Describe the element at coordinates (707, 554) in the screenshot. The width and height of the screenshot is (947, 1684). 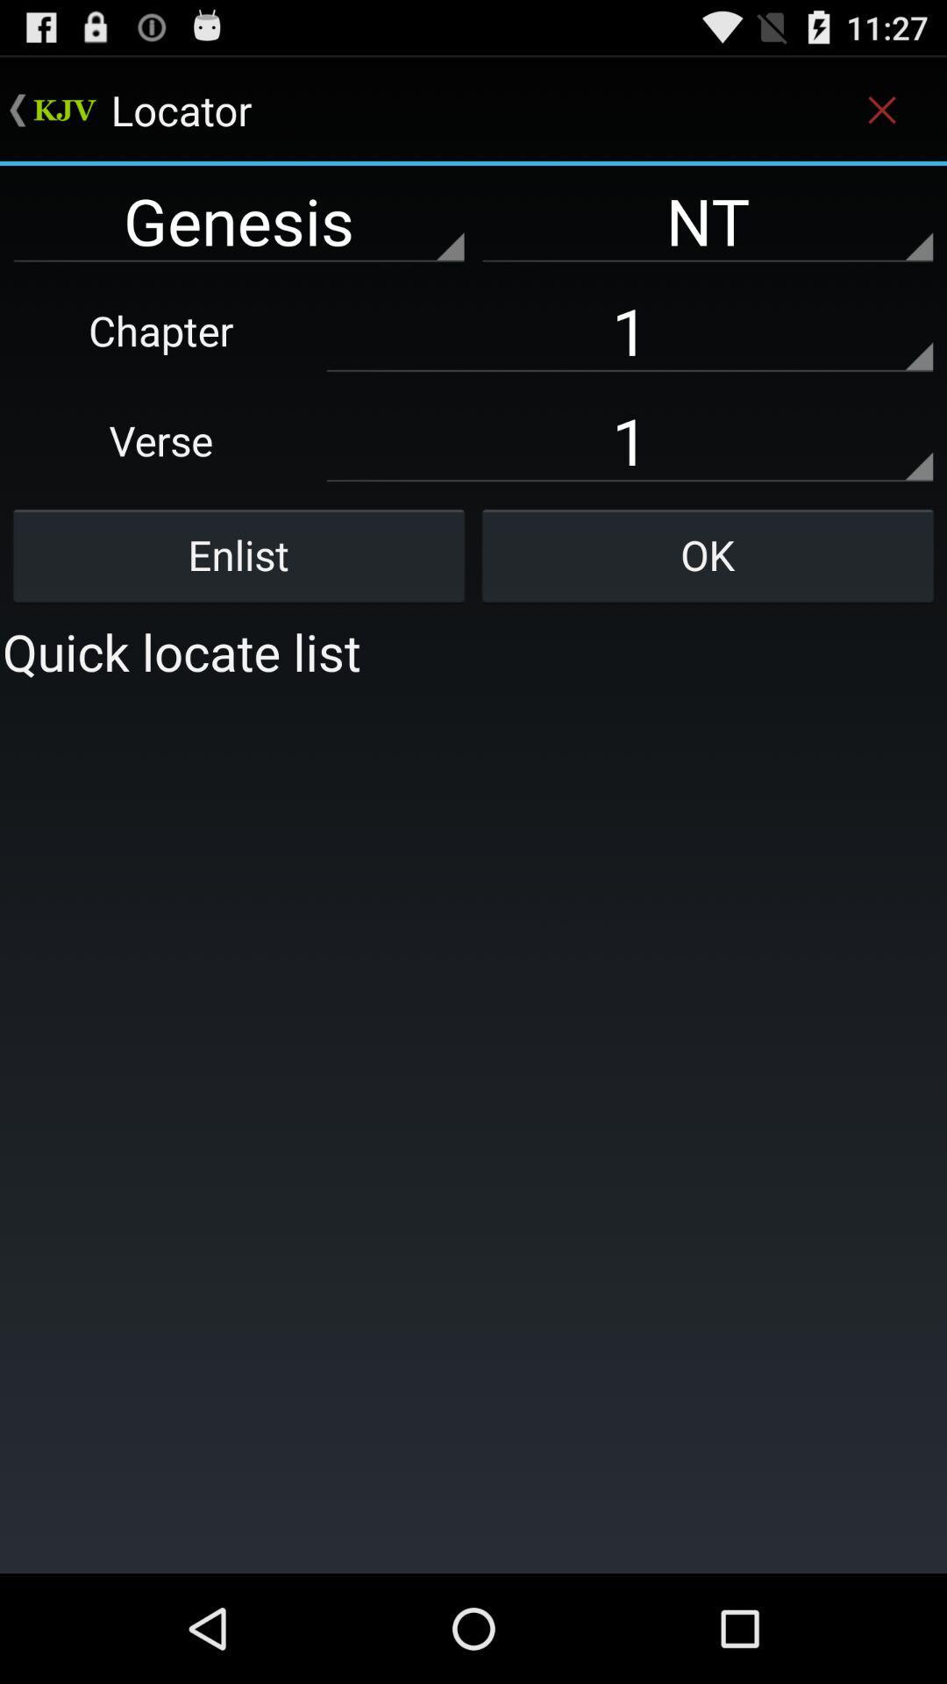
I see `the last button` at that location.